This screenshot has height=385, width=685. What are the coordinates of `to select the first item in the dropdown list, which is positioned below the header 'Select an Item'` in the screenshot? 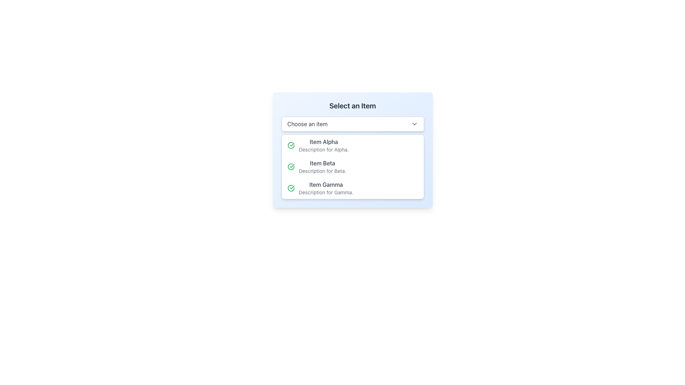 It's located at (323, 145).